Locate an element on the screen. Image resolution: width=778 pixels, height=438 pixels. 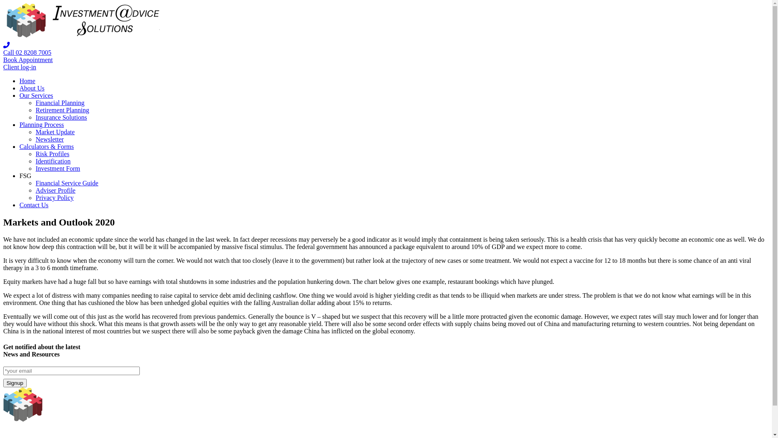
'Market Update' is located at coordinates (54, 131).